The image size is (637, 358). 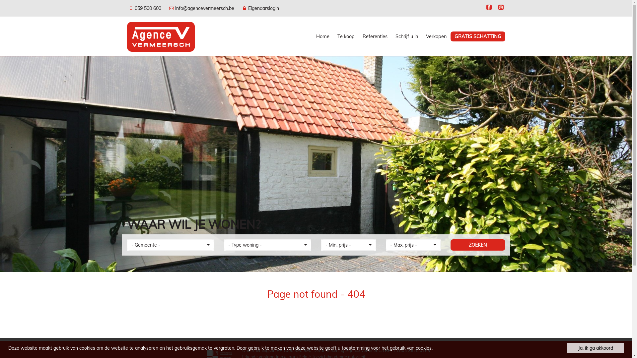 What do you see at coordinates (127, 245) in the screenshot?
I see `'- Gemeente -` at bounding box center [127, 245].